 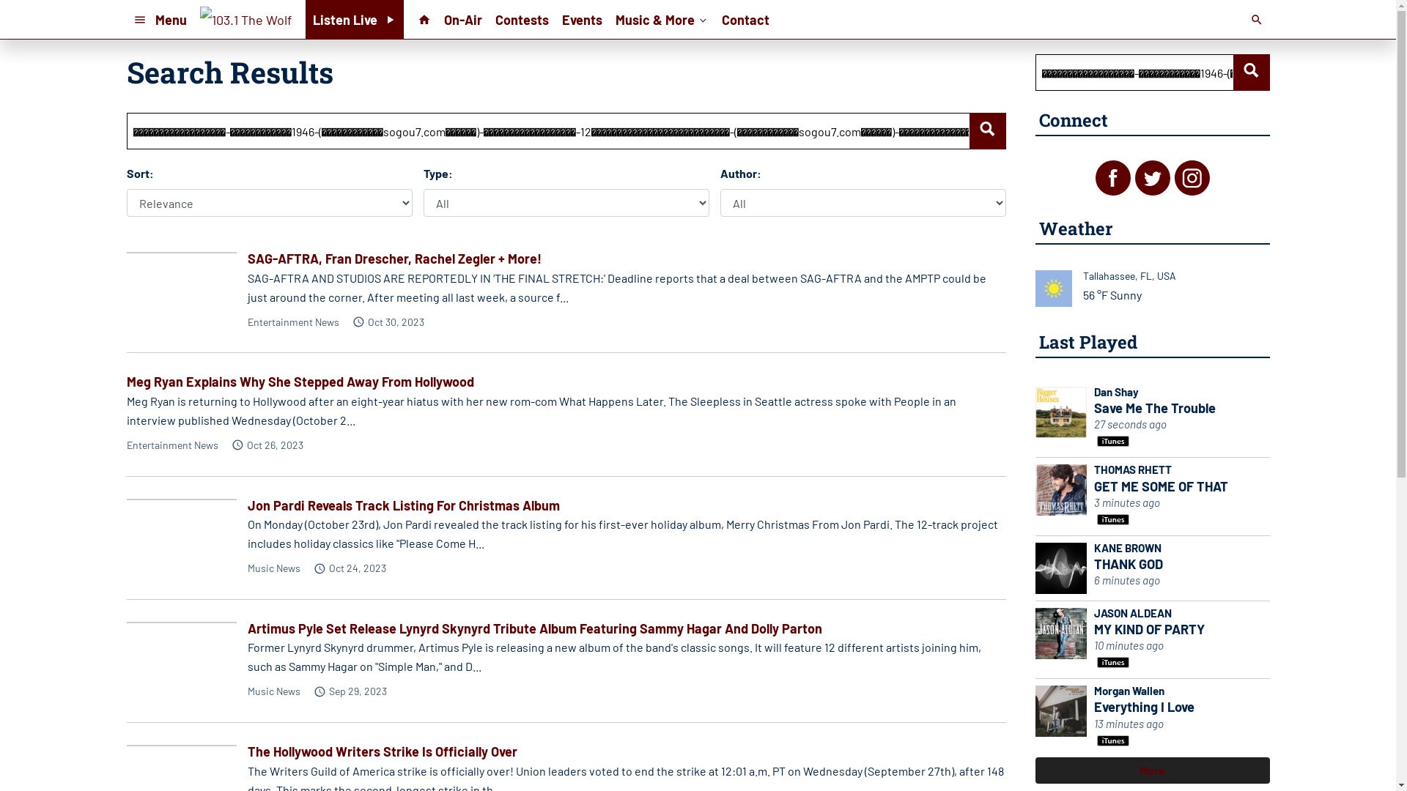 What do you see at coordinates (522, 19) in the screenshot?
I see `'Contests'` at bounding box center [522, 19].